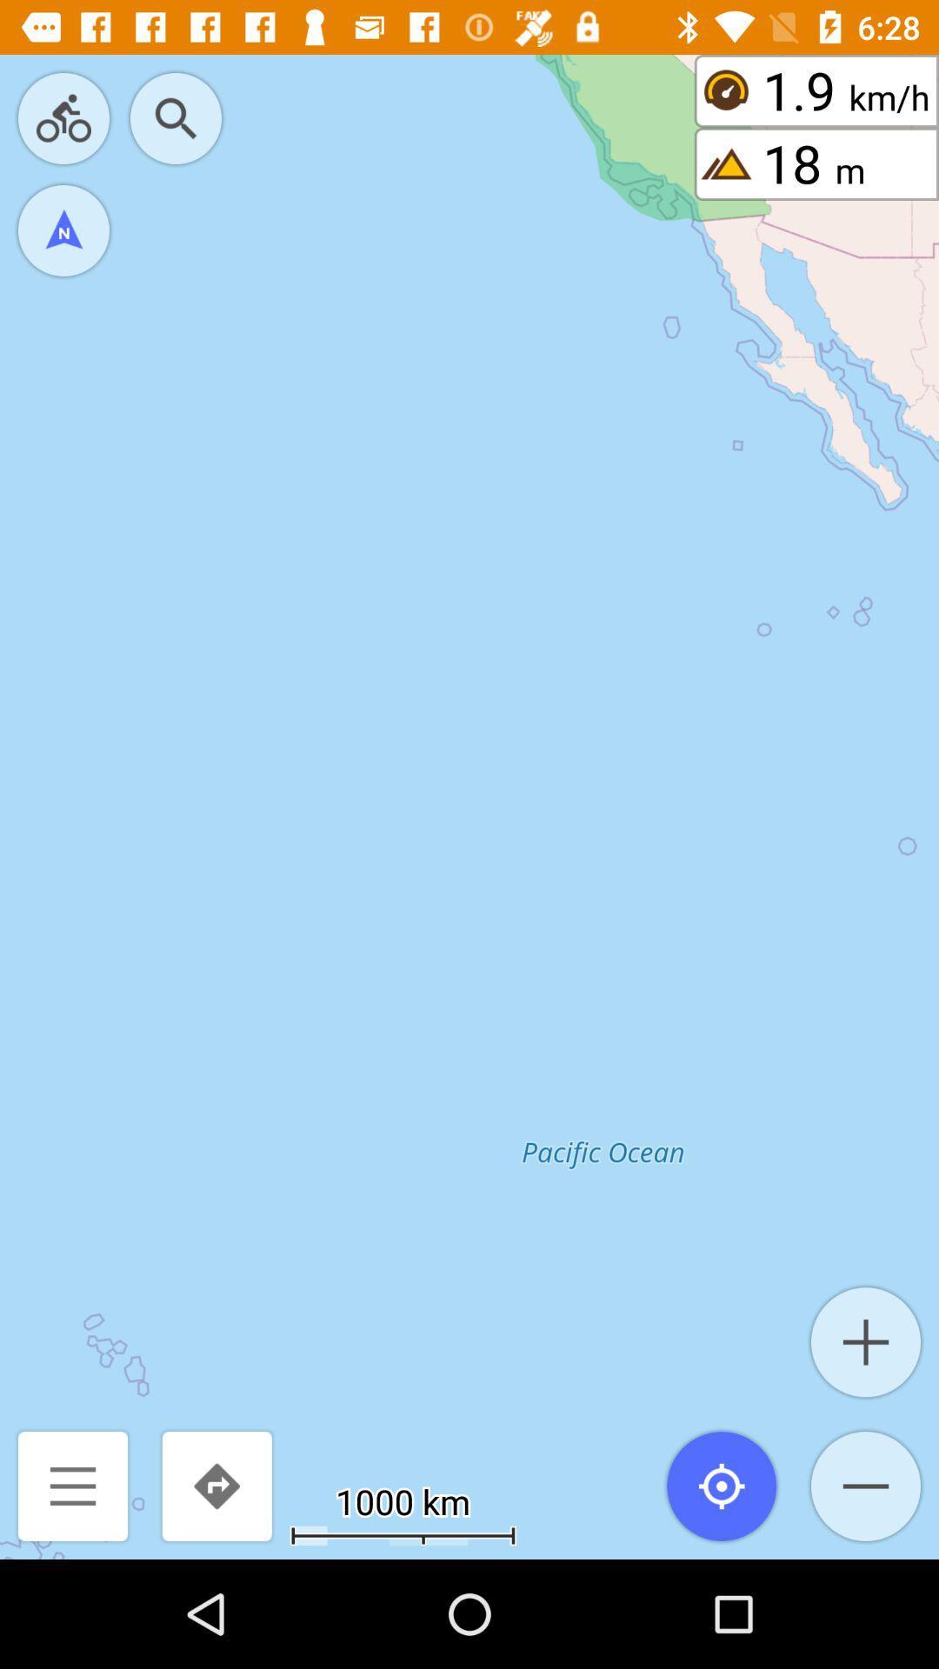 Image resolution: width=939 pixels, height=1669 pixels. I want to click on the menu icon, so click(72, 1485).